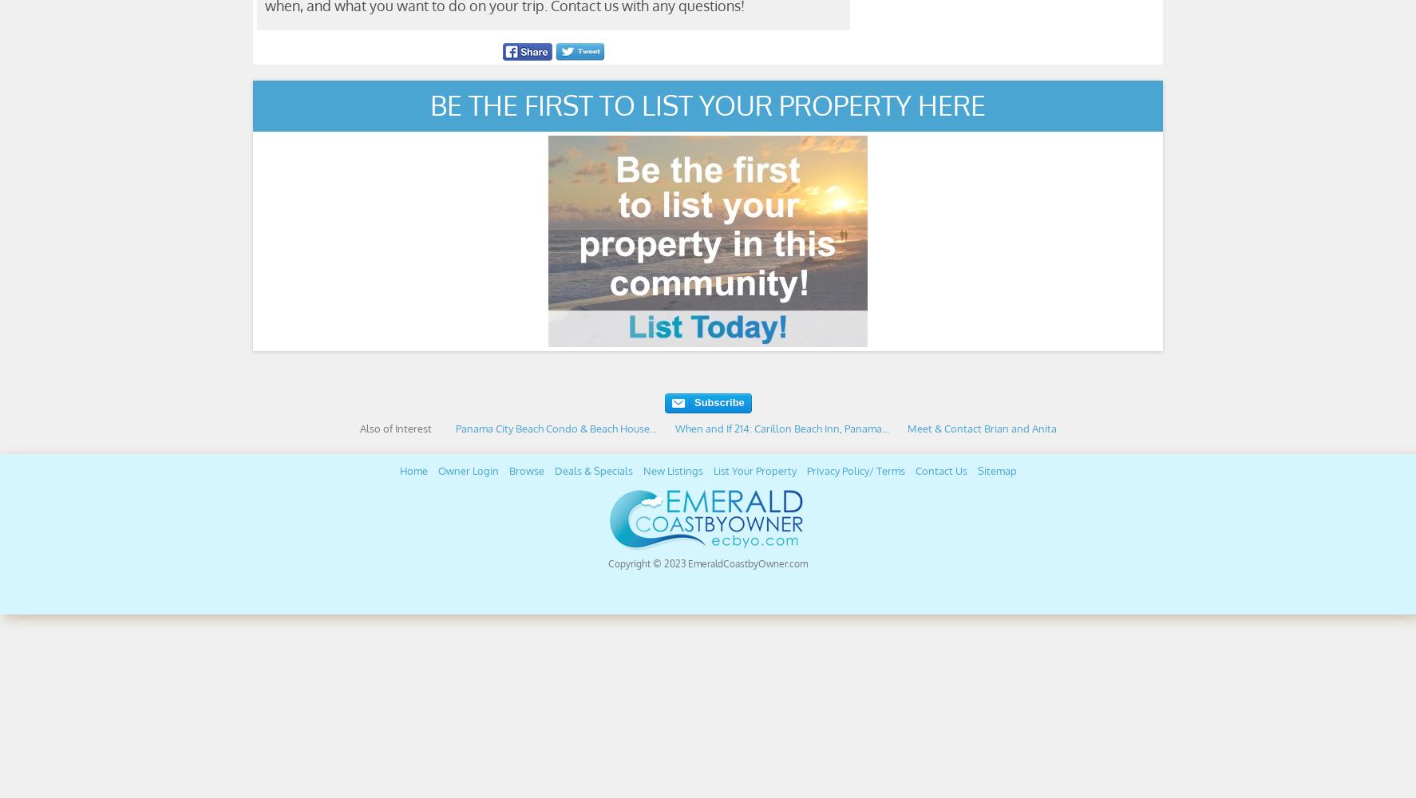  Describe the element at coordinates (555, 429) in the screenshot. I see `'Panama City Beach Condo & Beach House...'` at that location.